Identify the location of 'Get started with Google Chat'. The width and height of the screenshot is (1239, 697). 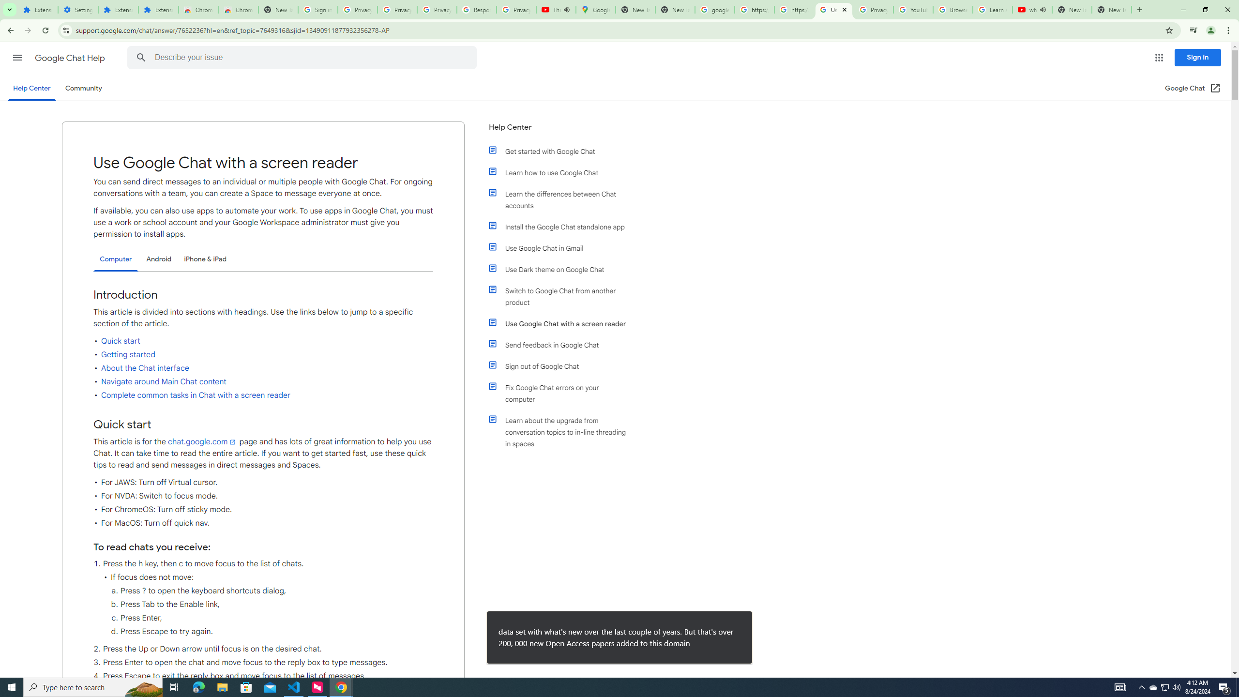
(562, 152).